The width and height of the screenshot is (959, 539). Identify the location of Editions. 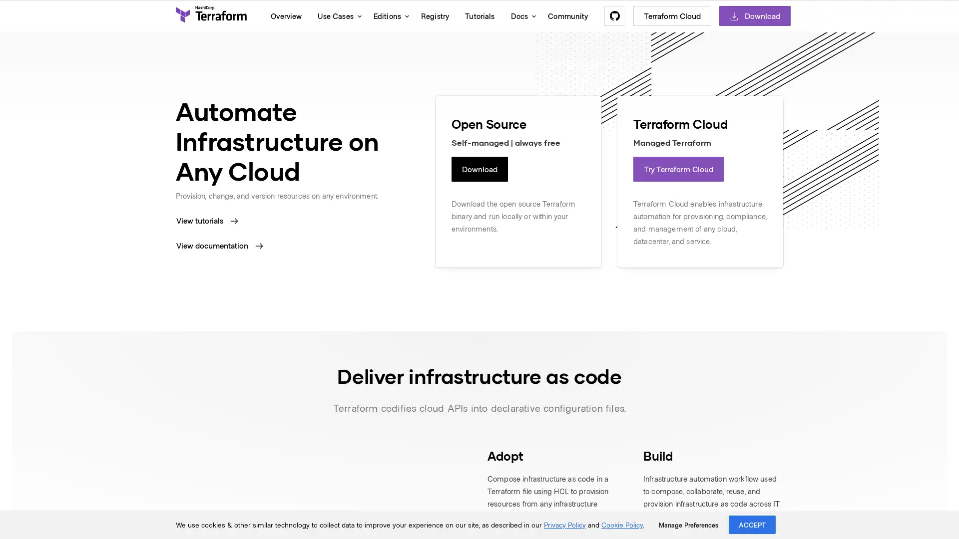
(388, 15).